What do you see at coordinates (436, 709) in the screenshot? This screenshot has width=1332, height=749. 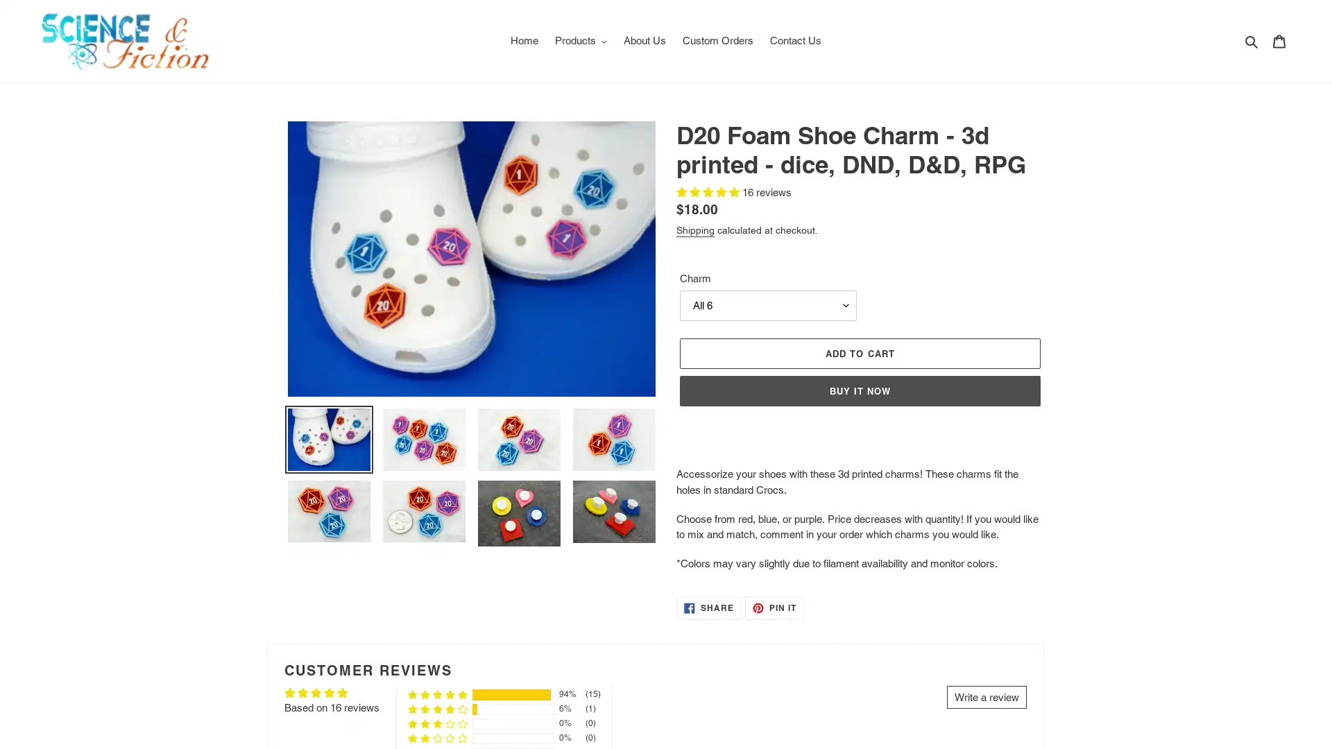 I see `6% (1) reviews with 4 star rating` at bounding box center [436, 709].